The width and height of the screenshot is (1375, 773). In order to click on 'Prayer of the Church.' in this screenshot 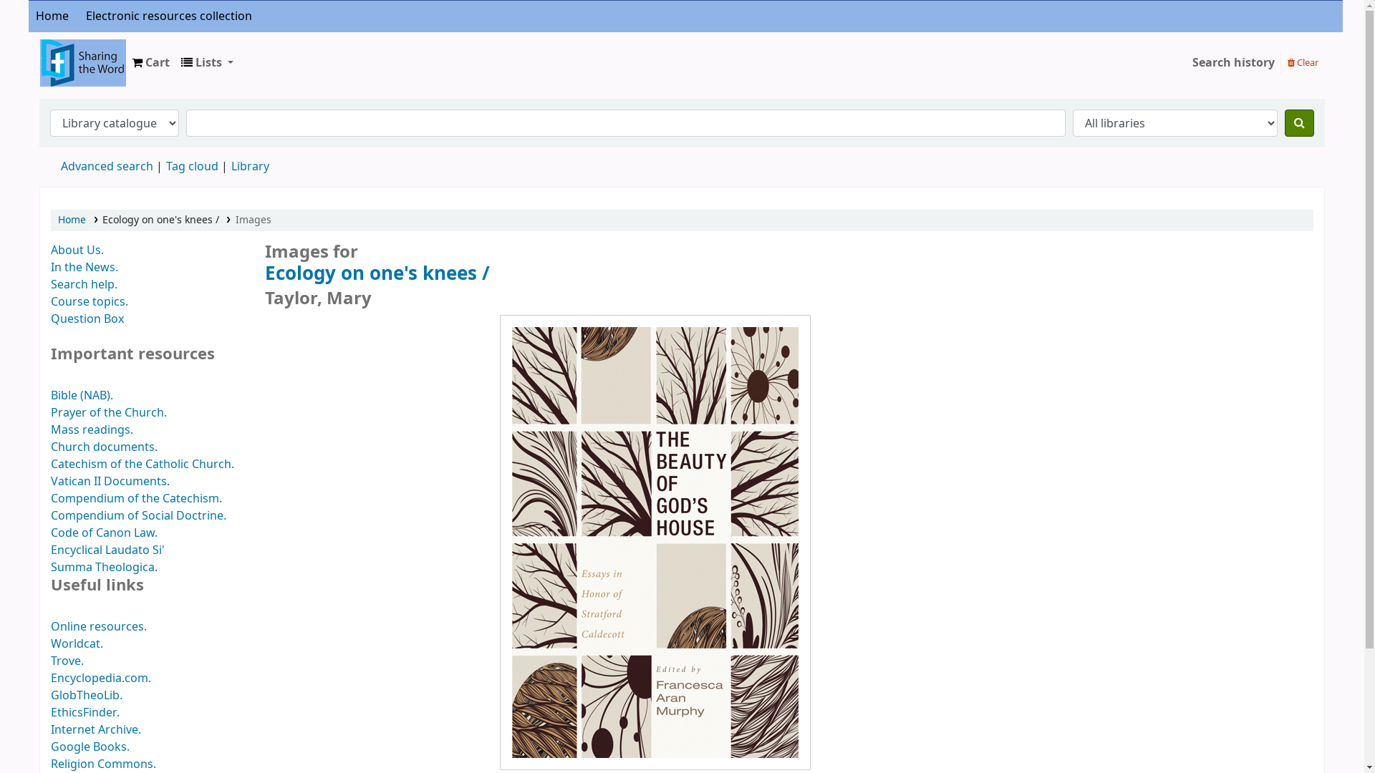, I will do `click(108, 413)`.